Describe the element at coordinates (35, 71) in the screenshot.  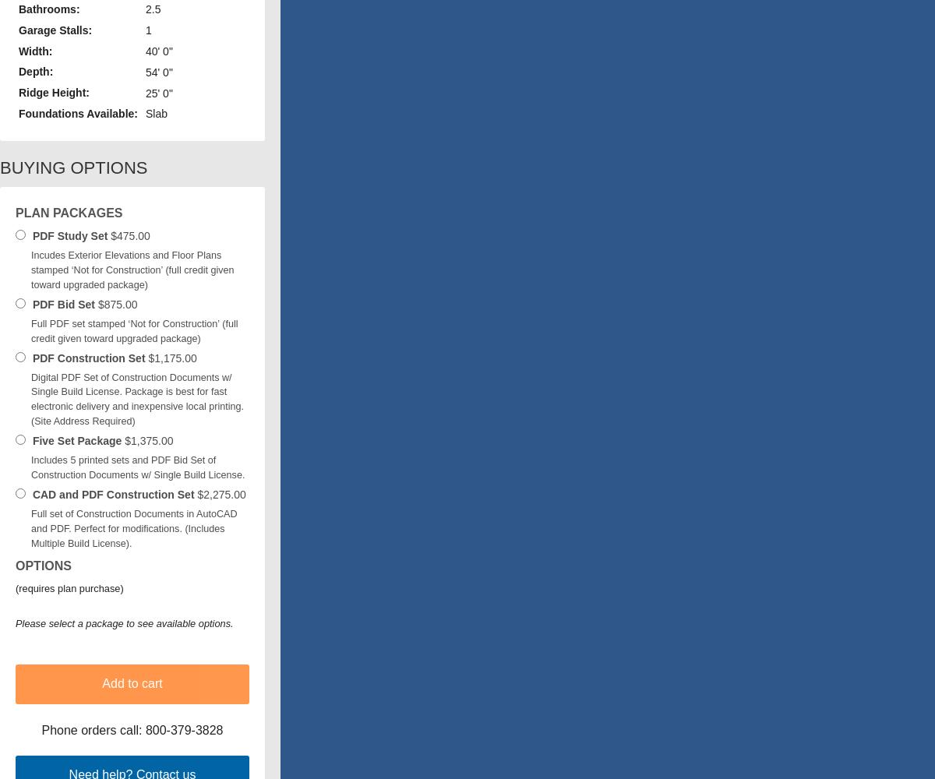
I see `'Depth:'` at that location.